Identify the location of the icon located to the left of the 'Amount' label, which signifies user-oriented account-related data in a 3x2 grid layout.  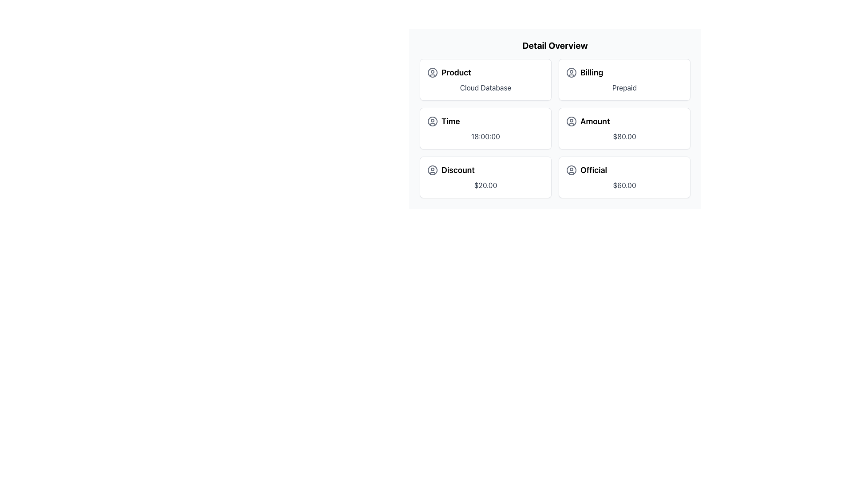
(571, 121).